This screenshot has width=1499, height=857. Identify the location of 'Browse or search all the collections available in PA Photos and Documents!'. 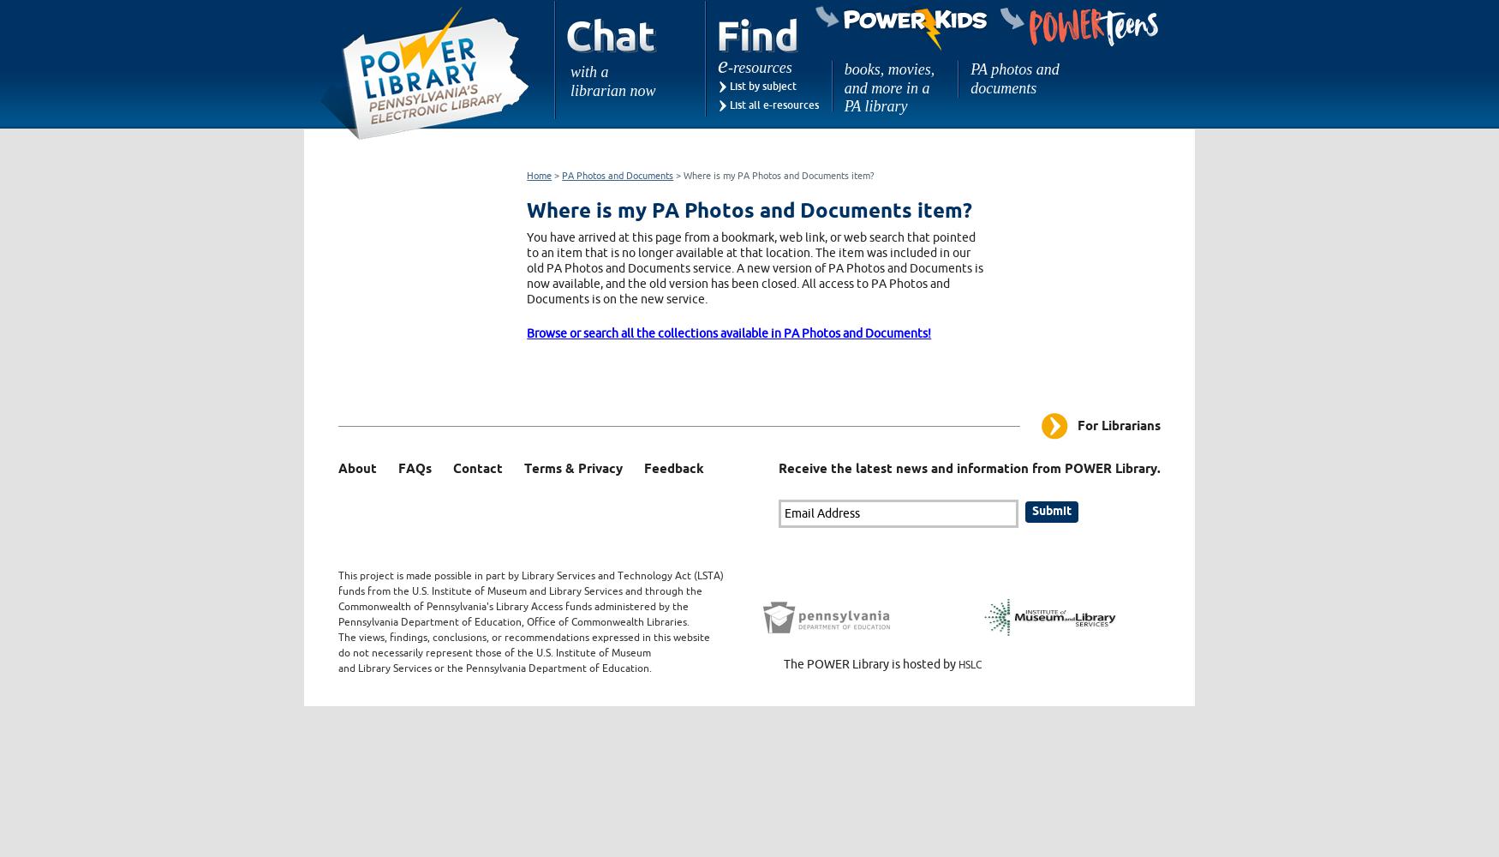
(729, 333).